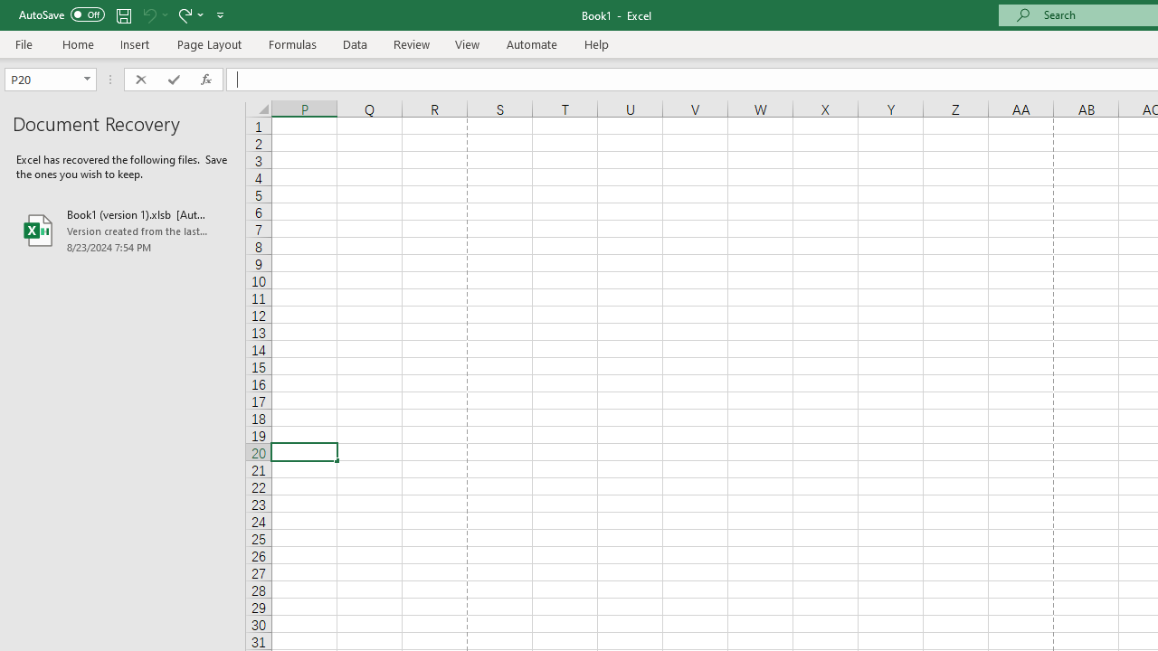 This screenshot has width=1158, height=651. What do you see at coordinates (134, 43) in the screenshot?
I see `'Insert'` at bounding box center [134, 43].